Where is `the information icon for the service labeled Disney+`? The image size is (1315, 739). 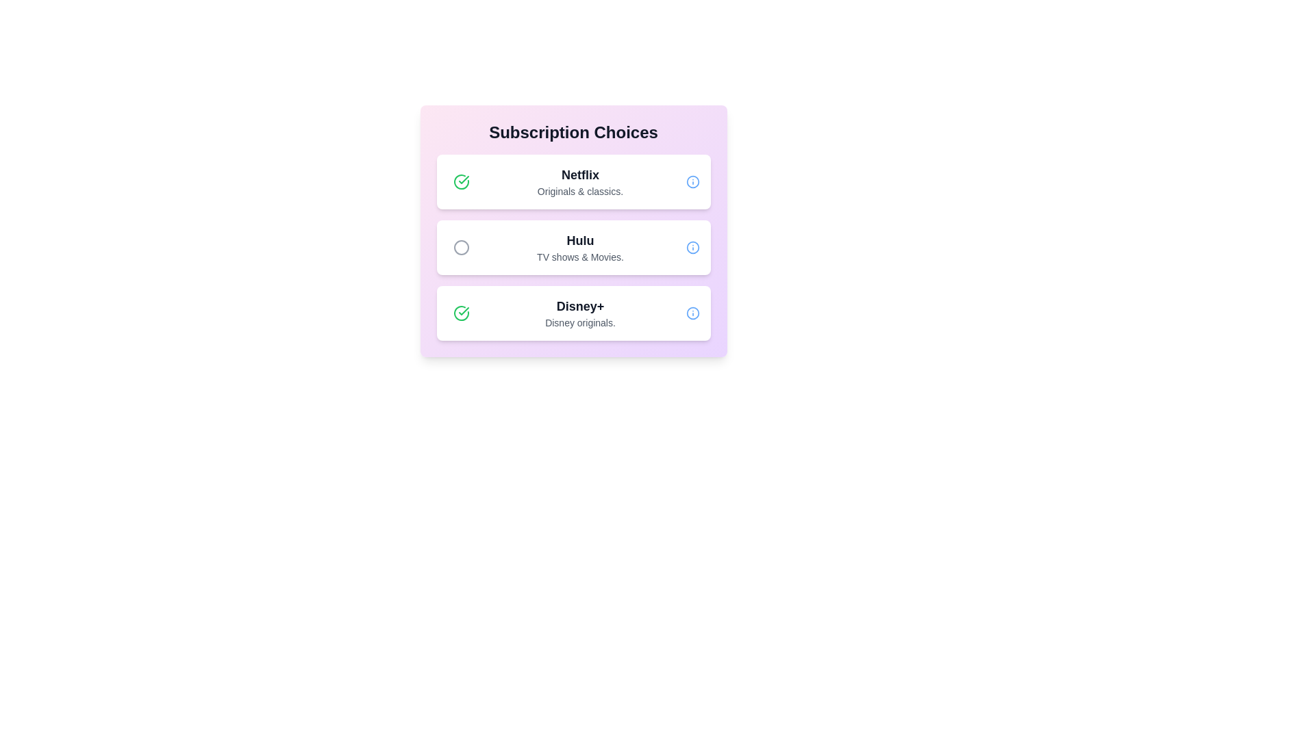
the information icon for the service labeled Disney+ is located at coordinates (692, 313).